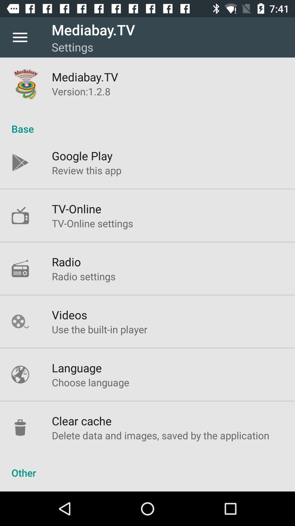 The image size is (295, 526). Describe the element at coordinates (69, 315) in the screenshot. I see `item below radio settings item` at that location.